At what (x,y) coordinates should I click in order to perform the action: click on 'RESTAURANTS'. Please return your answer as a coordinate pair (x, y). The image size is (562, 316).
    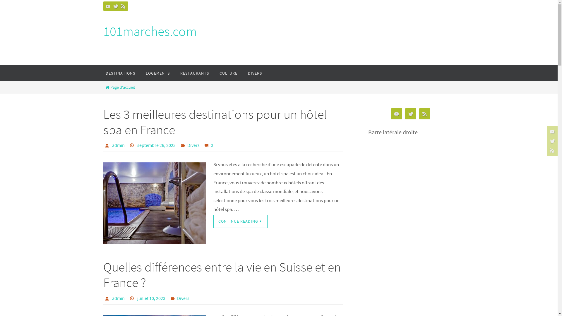
    Looking at the image, I should click on (195, 73).